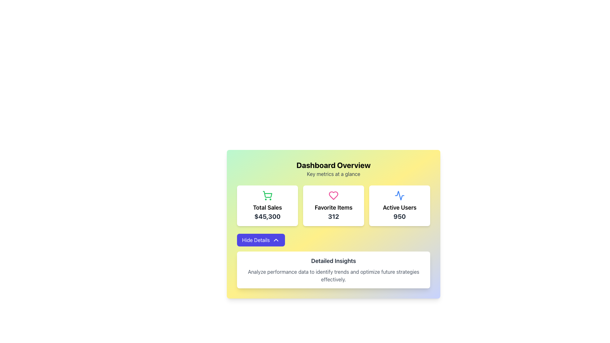  Describe the element at coordinates (399, 206) in the screenshot. I see `the 'Active Users' card, which displays the text 'Active Users' in bold above the number '950'` at that location.